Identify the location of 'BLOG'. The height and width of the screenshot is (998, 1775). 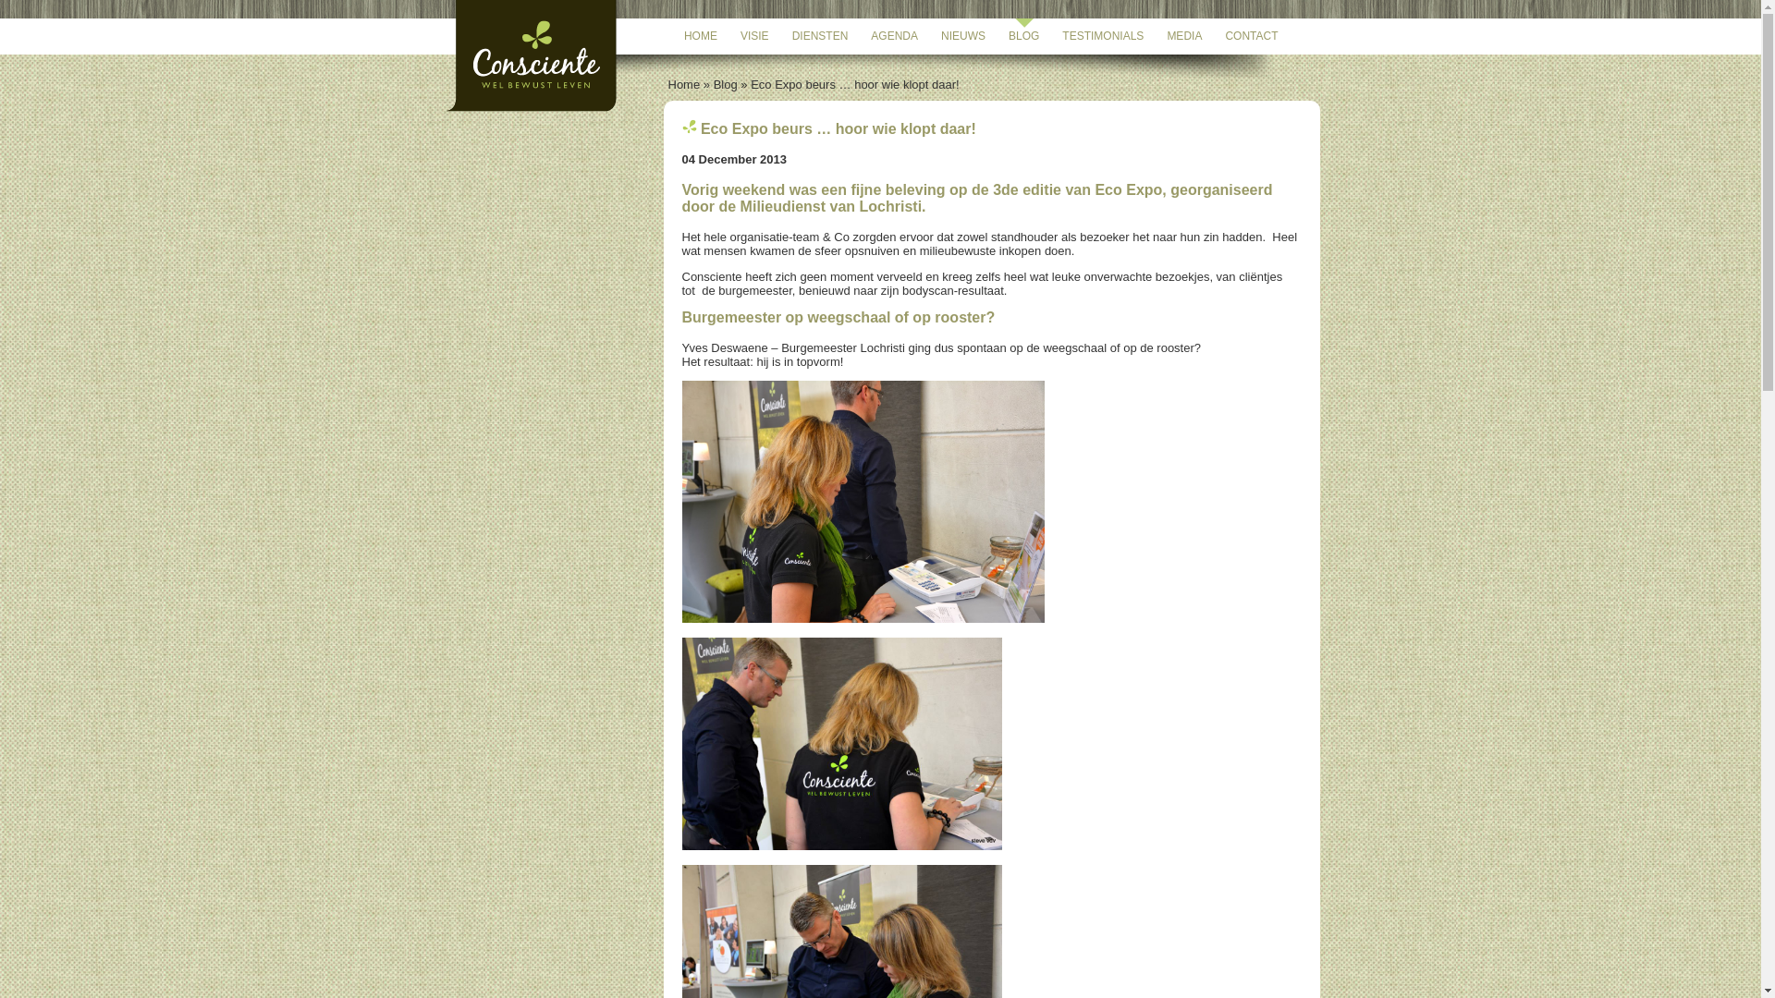
(1022, 36).